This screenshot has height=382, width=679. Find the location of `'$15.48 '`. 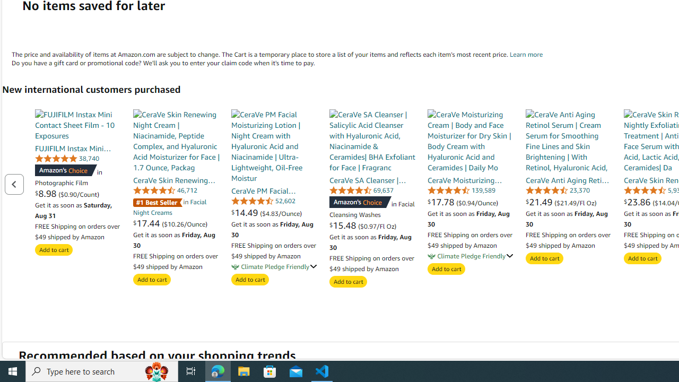

'$15.48 ' is located at coordinates (344, 224).